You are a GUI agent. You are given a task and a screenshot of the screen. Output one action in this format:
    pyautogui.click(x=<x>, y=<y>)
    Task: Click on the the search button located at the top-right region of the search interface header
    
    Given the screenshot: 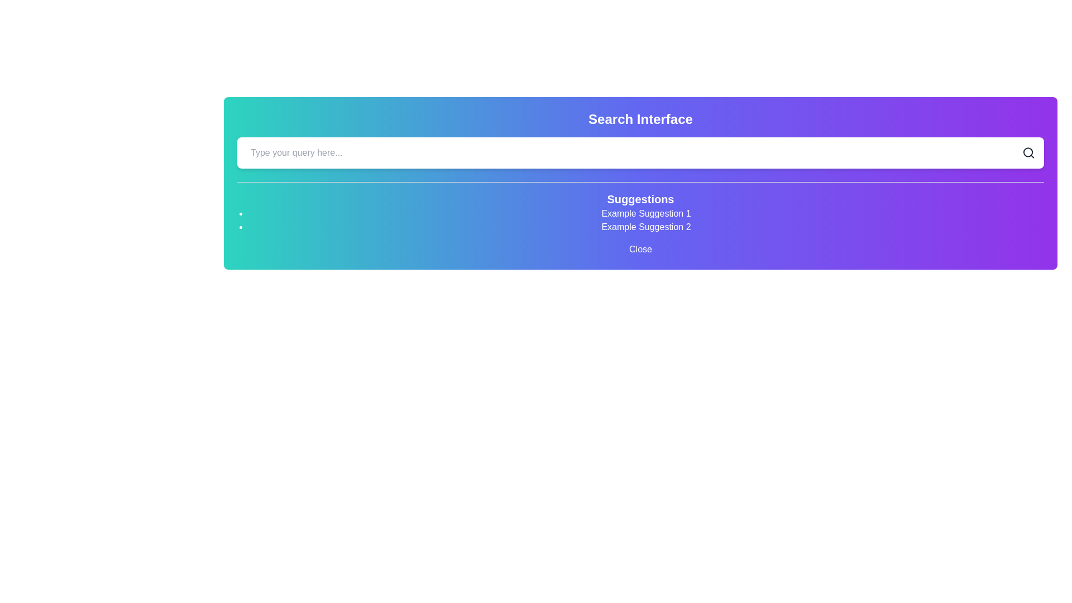 What is the action you would take?
    pyautogui.click(x=1028, y=152)
    